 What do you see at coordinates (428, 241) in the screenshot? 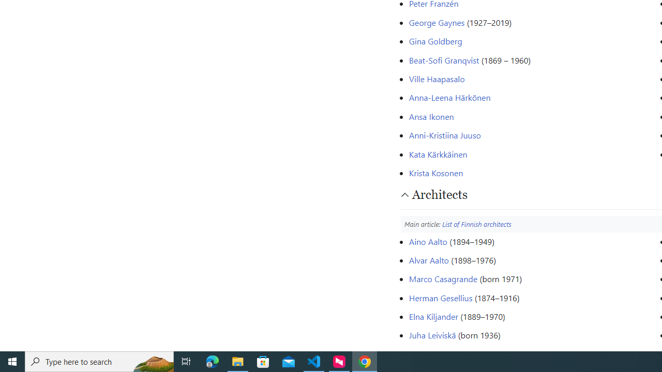
I see `'Aino Aalto'` at bounding box center [428, 241].